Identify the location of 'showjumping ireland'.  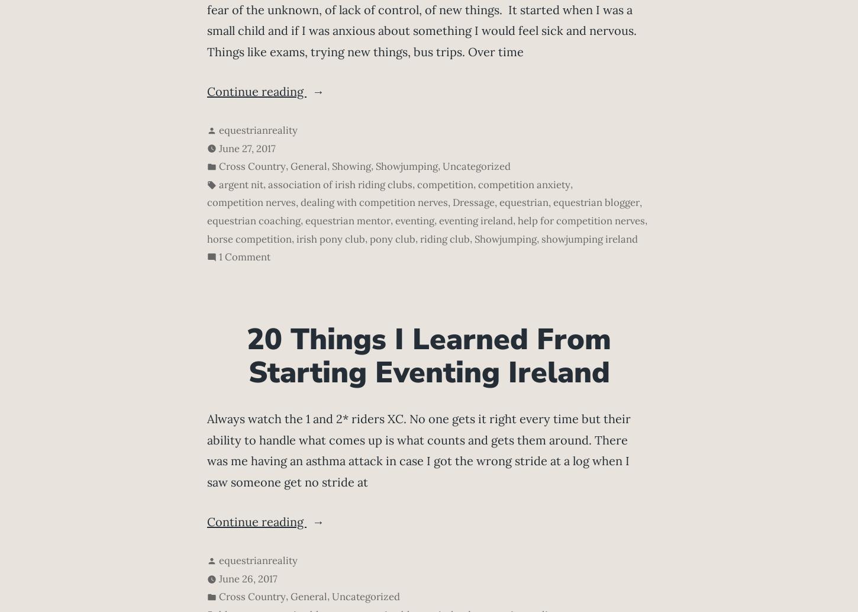
(589, 237).